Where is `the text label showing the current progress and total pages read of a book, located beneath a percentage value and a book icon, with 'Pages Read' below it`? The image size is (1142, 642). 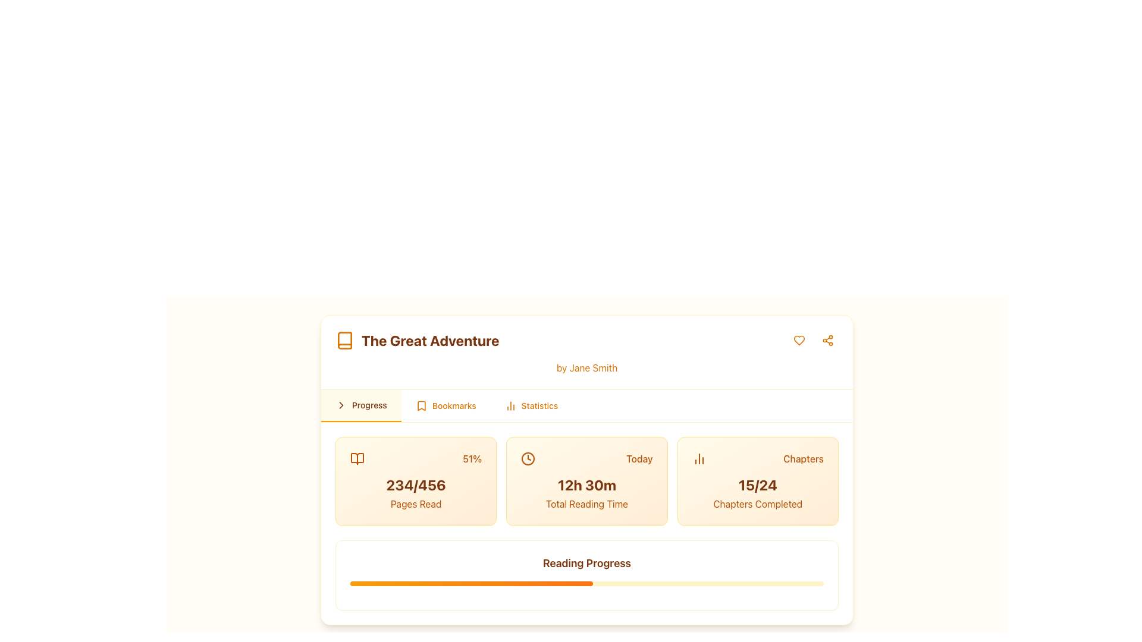 the text label showing the current progress and total pages read of a book, located beneath a percentage value and a book icon, with 'Pages Read' below it is located at coordinates (416, 485).